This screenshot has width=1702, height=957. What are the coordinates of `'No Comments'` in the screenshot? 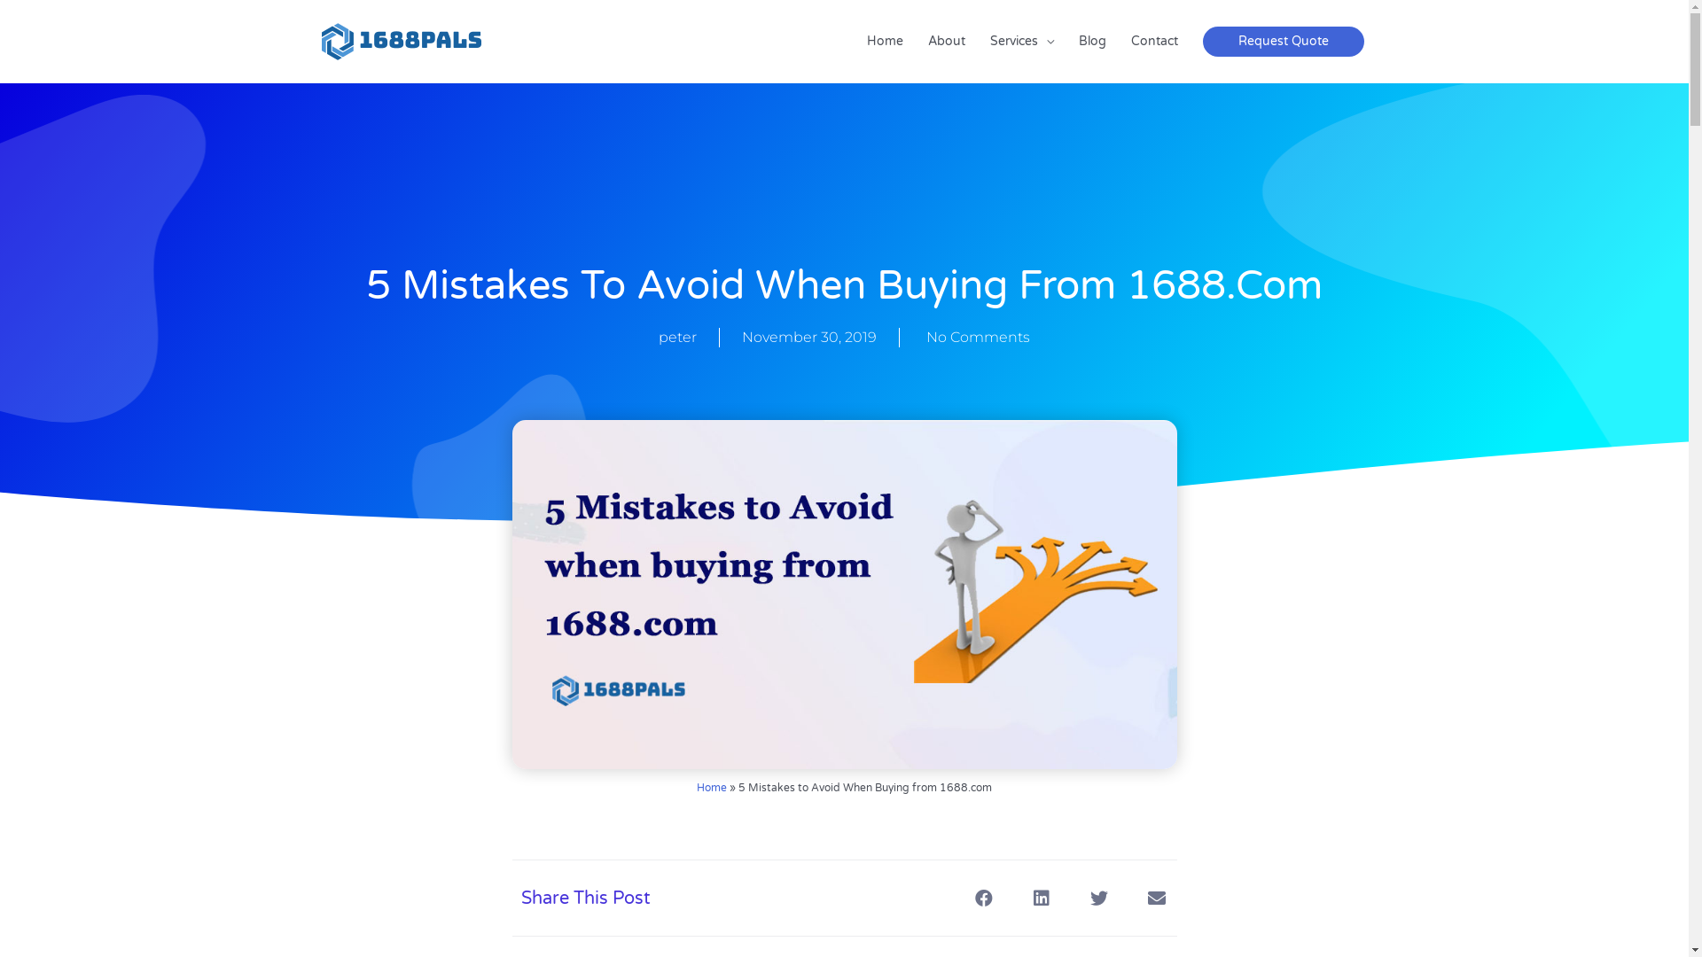 It's located at (974, 338).